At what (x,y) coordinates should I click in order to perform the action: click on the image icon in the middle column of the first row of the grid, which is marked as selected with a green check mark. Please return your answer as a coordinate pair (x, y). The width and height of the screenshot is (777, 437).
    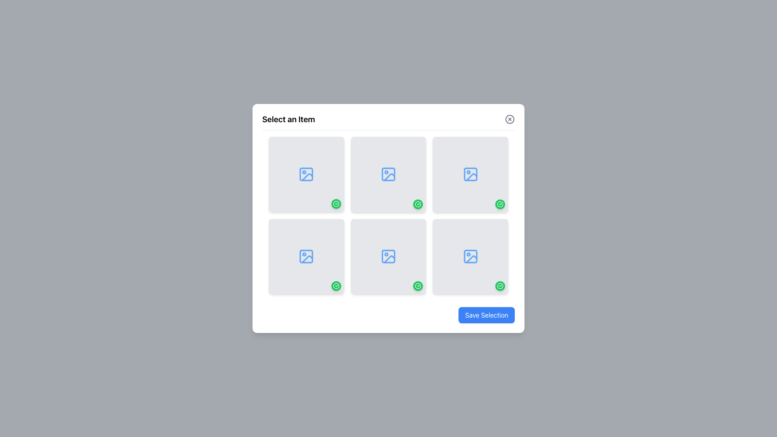
    Looking at the image, I should click on (388, 174).